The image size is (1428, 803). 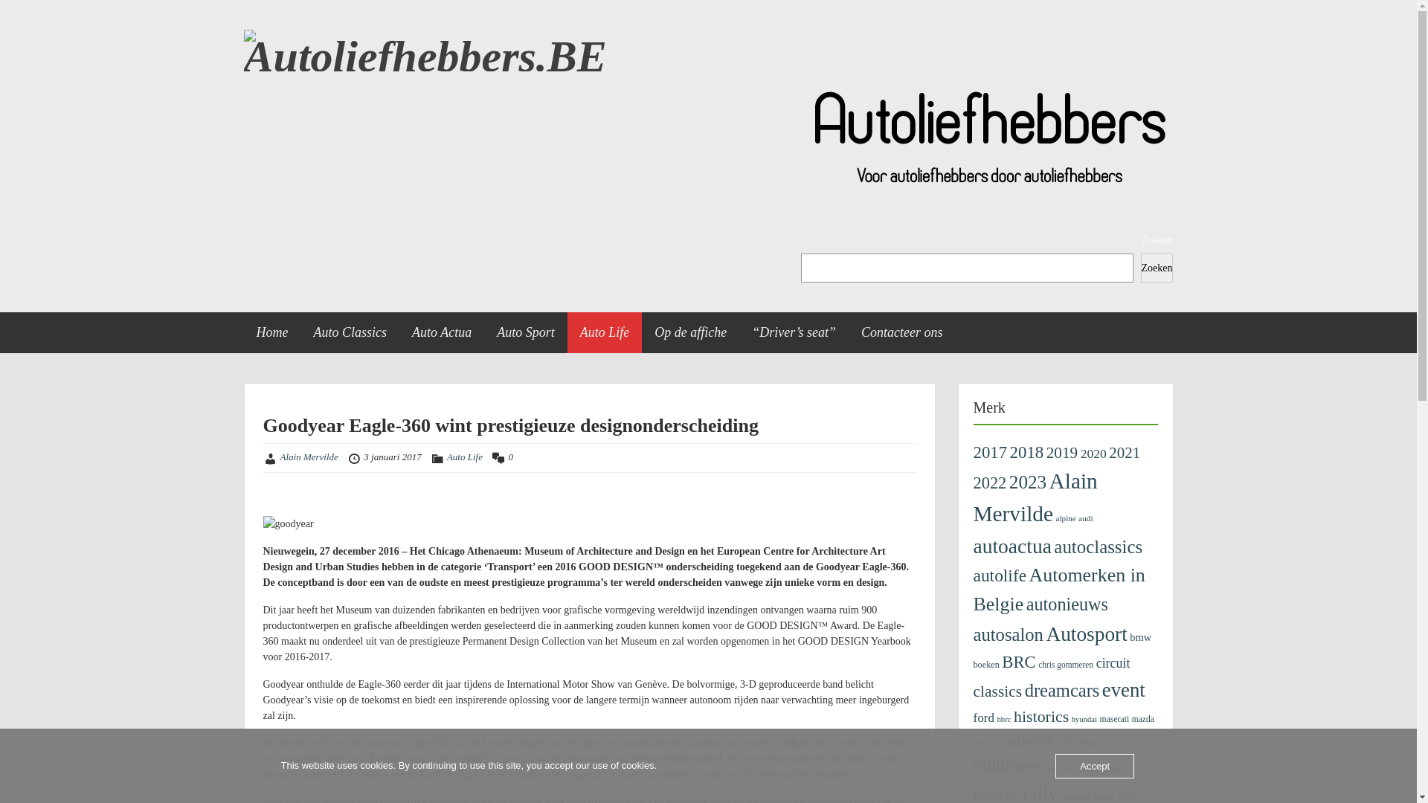 I want to click on 'audi', so click(x=1085, y=517).